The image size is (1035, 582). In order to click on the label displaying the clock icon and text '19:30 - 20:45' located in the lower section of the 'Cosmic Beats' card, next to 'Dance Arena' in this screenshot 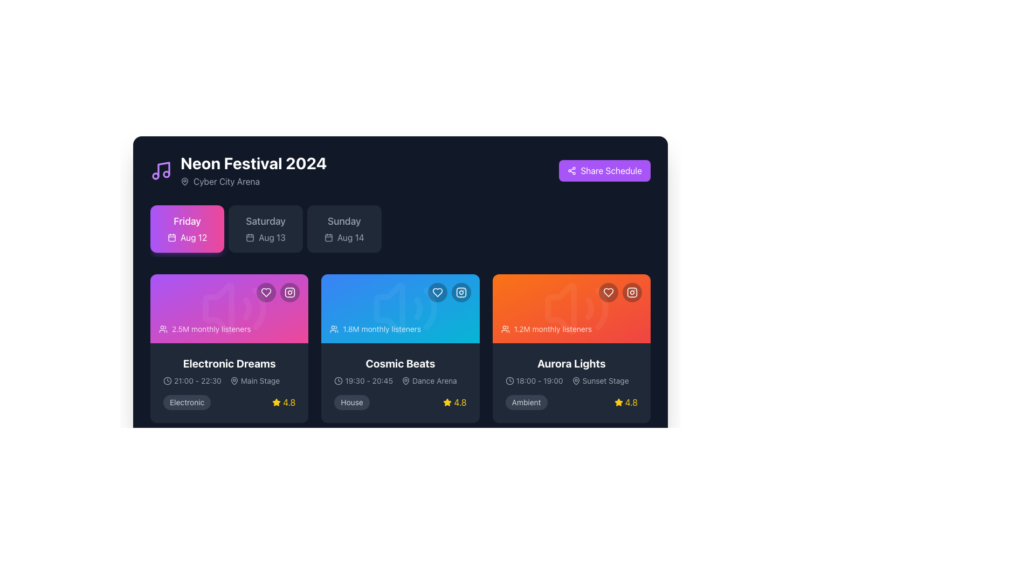, I will do `click(363, 380)`.